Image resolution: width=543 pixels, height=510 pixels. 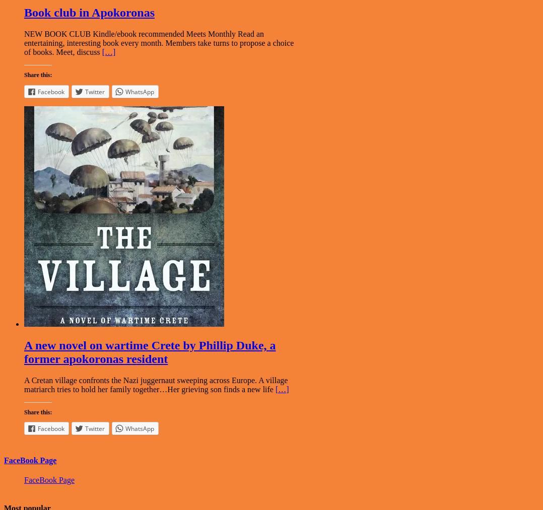 I want to click on 'Book club in Apokoronas', so click(x=89, y=12).